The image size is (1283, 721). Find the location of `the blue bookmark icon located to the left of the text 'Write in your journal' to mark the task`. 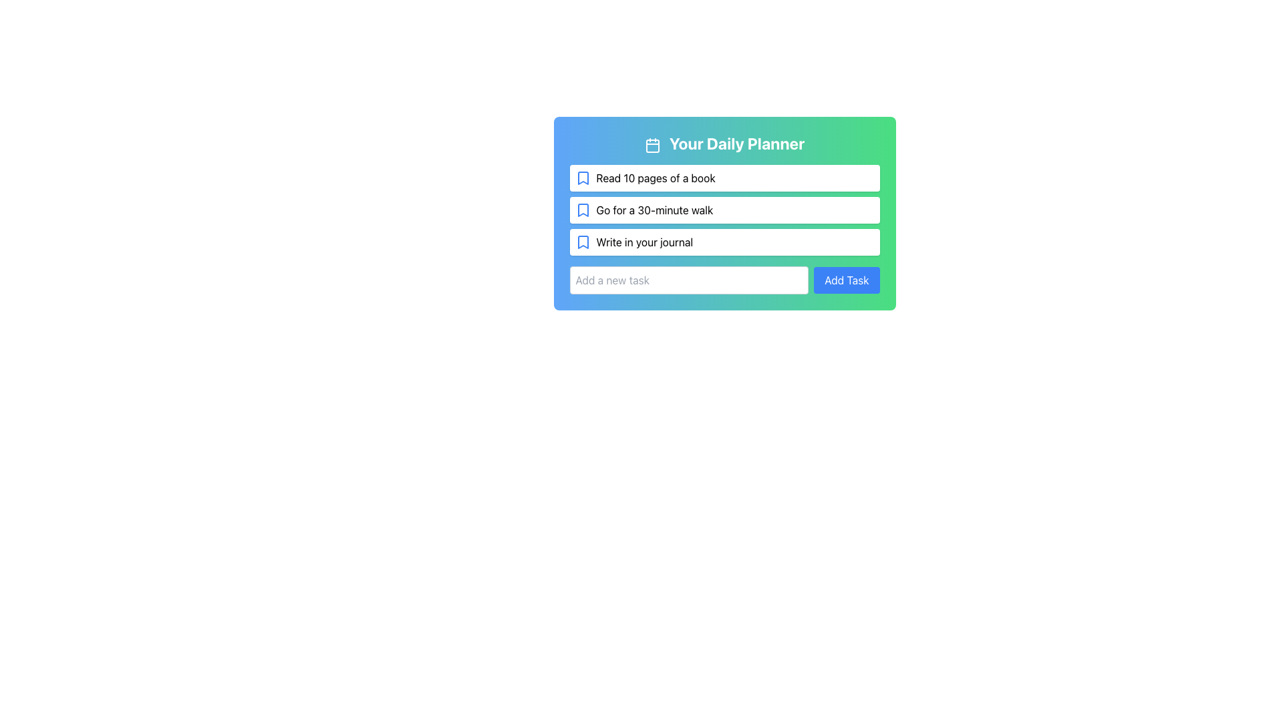

the blue bookmark icon located to the left of the text 'Write in your journal' to mark the task is located at coordinates (583, 242).